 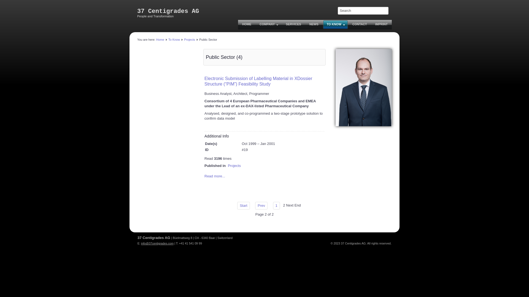 What do you see at coordinates (268, 24) in the screenshot?
I see `'COMPANY'` at bounding box center [268, 24].